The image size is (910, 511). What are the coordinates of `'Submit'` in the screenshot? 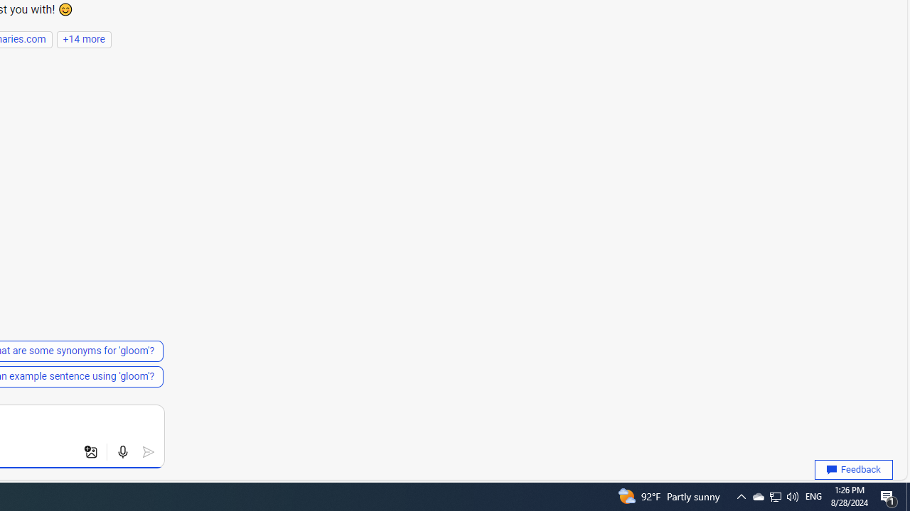 It's located at (148, 452).